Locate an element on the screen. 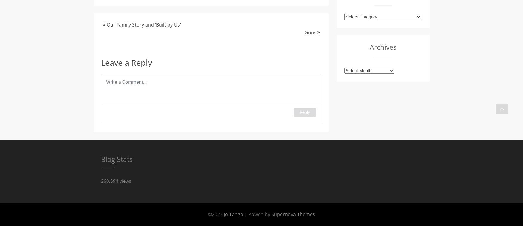 This screenshot has width=523, height=226. '260,594 views' is located at coordinates (101, 181).